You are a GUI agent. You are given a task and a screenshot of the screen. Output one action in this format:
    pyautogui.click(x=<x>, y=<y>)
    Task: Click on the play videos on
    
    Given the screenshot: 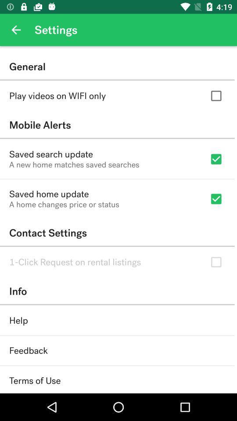 What is the action you would take?
    pyautogui.click(x=57, y=96)
    